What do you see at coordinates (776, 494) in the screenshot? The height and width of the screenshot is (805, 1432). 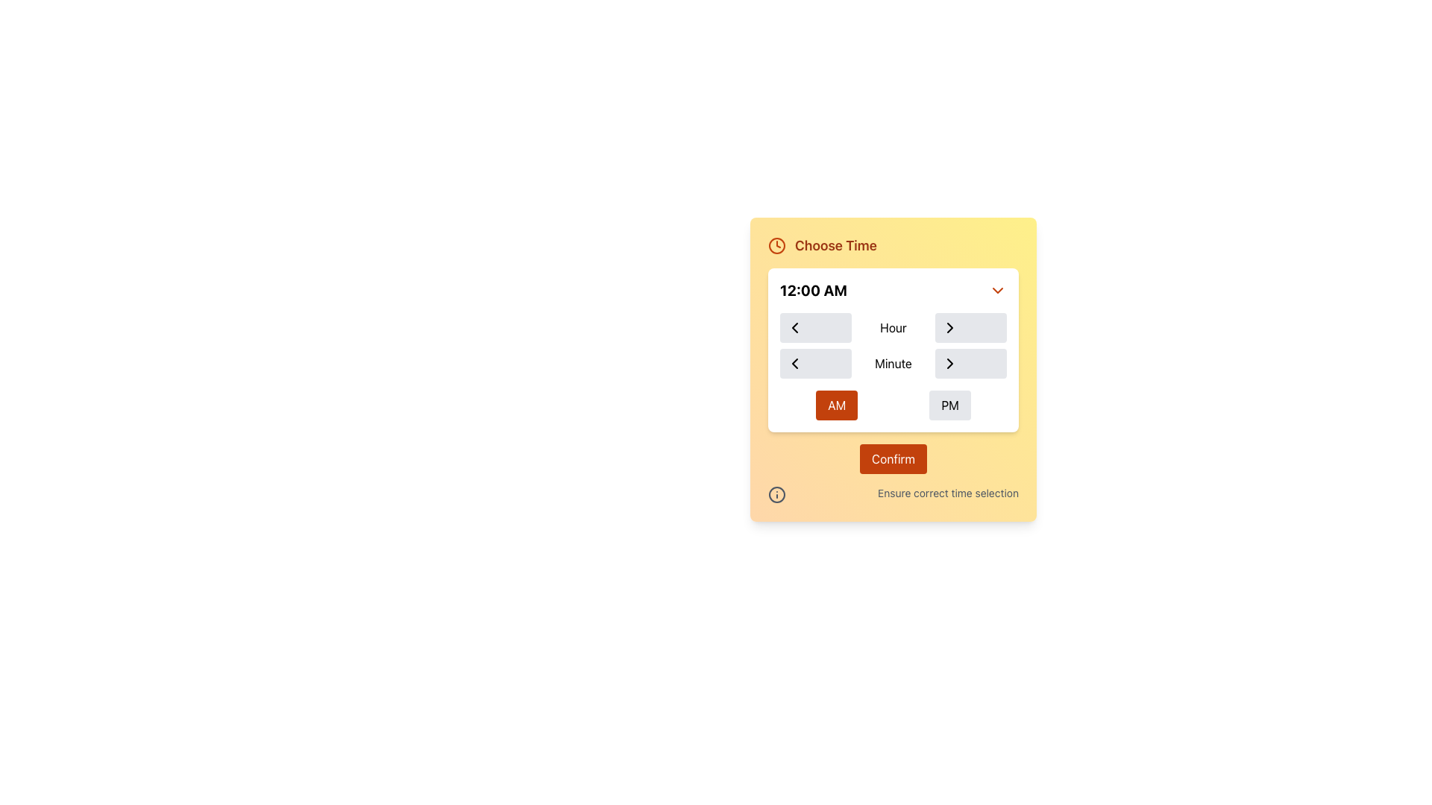 I see `the outermost circular component of the information icon located near the top left corner of the Choose Time dialog, adjacent to the 'Choose Time' label` at bounding box center [776, 494].